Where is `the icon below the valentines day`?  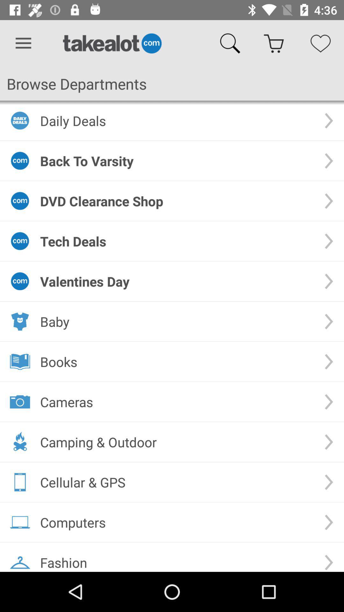 the icon below the valentines day is located at coordinates (177, 321).